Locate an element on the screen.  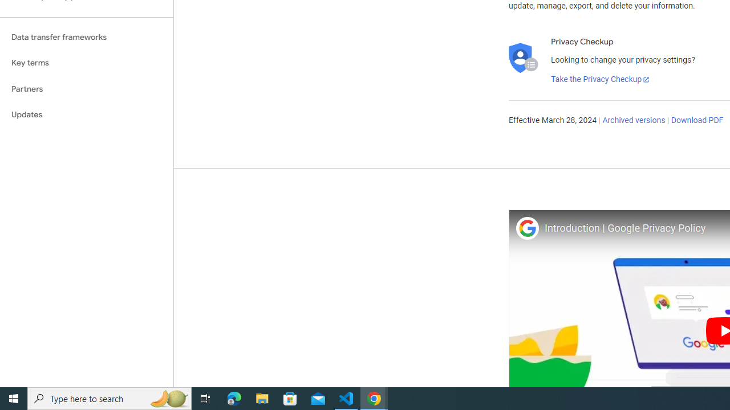
'Download PDF' is located at coordinates (696, 121).